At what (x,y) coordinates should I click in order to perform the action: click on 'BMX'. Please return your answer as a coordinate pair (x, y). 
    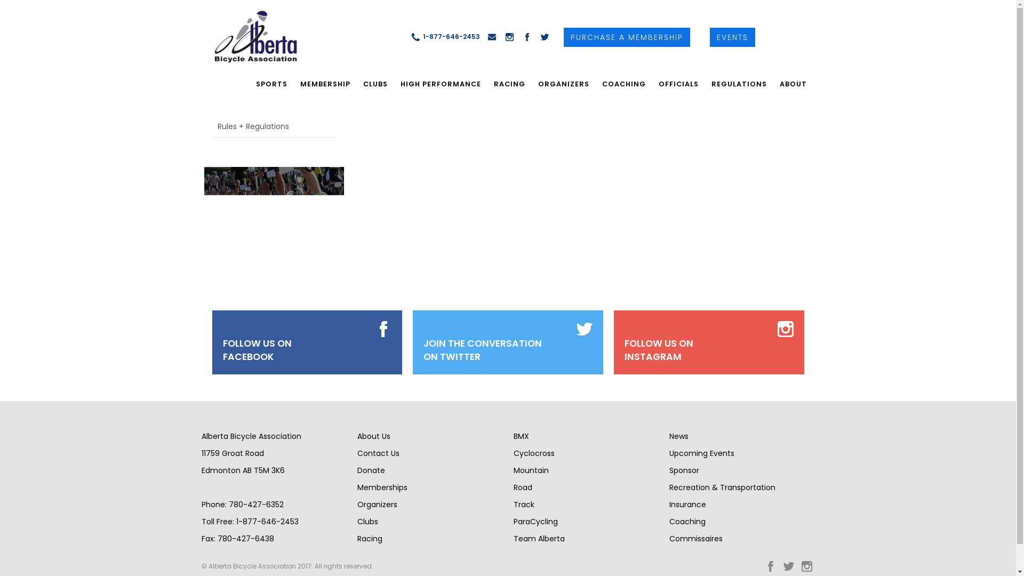
    Looking at the image, I should click on (521, 436).